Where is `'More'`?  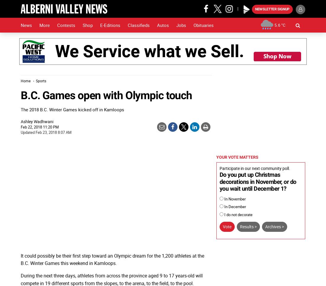
'More' is located at coordinates (44, 25).